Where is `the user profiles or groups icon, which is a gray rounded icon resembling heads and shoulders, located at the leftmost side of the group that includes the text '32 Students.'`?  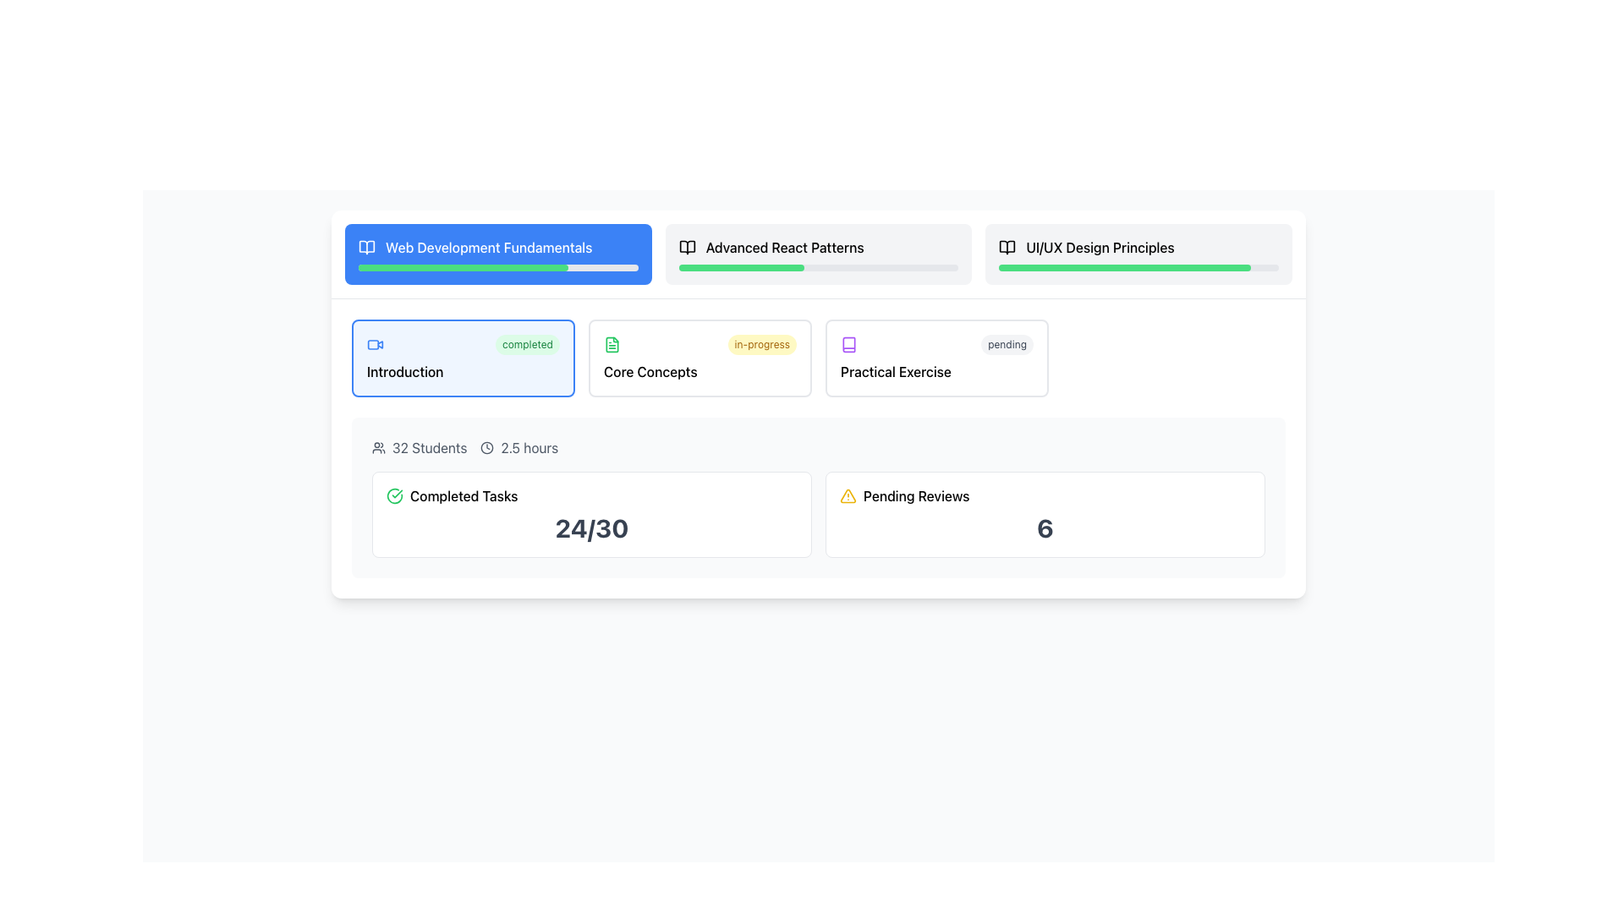 the user profiles or groups icon, which is a gray rounded icon resembling heads and shoulders, located at the leftmost side of the group that includes the text '32 Students.' is located at coordinates (377, 446).